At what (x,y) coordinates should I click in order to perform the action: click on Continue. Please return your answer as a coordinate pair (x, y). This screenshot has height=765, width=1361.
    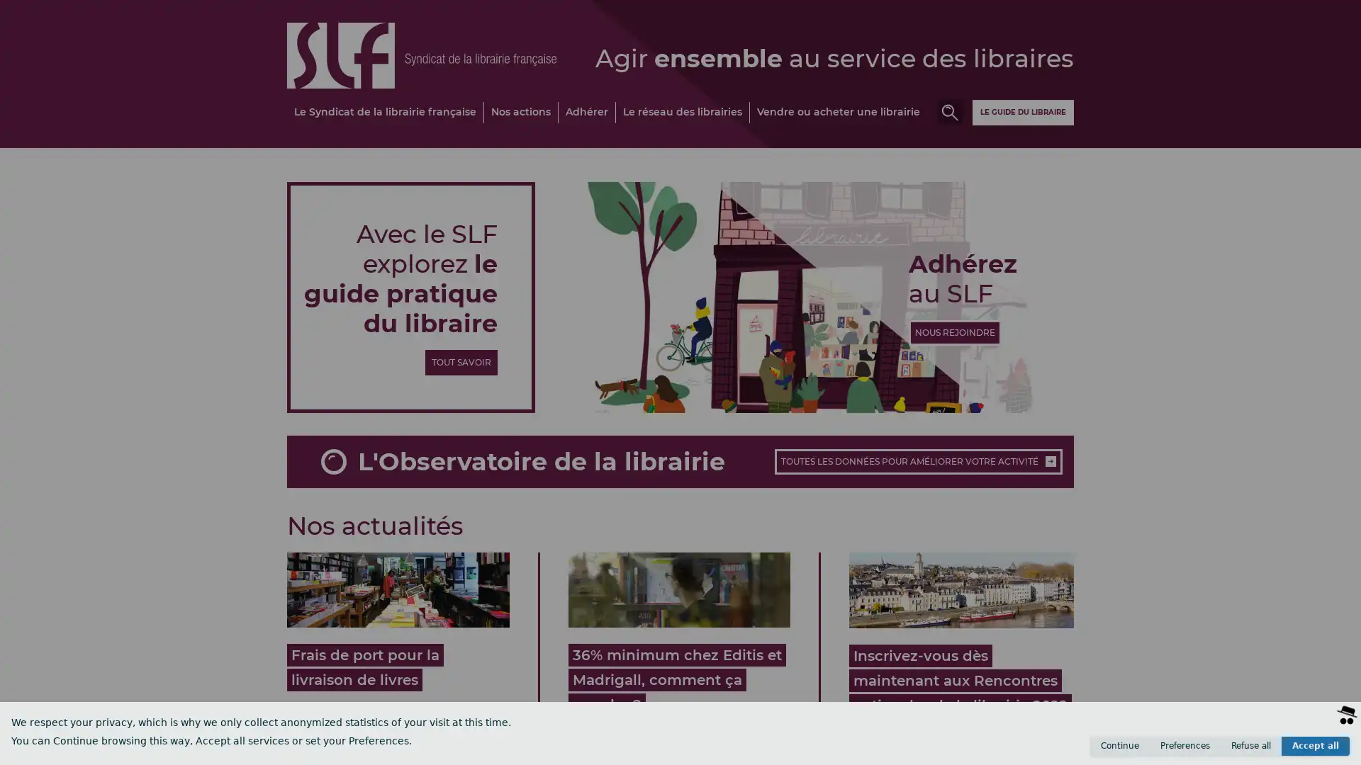
    Looking at the image, I should click on (1119, 745).